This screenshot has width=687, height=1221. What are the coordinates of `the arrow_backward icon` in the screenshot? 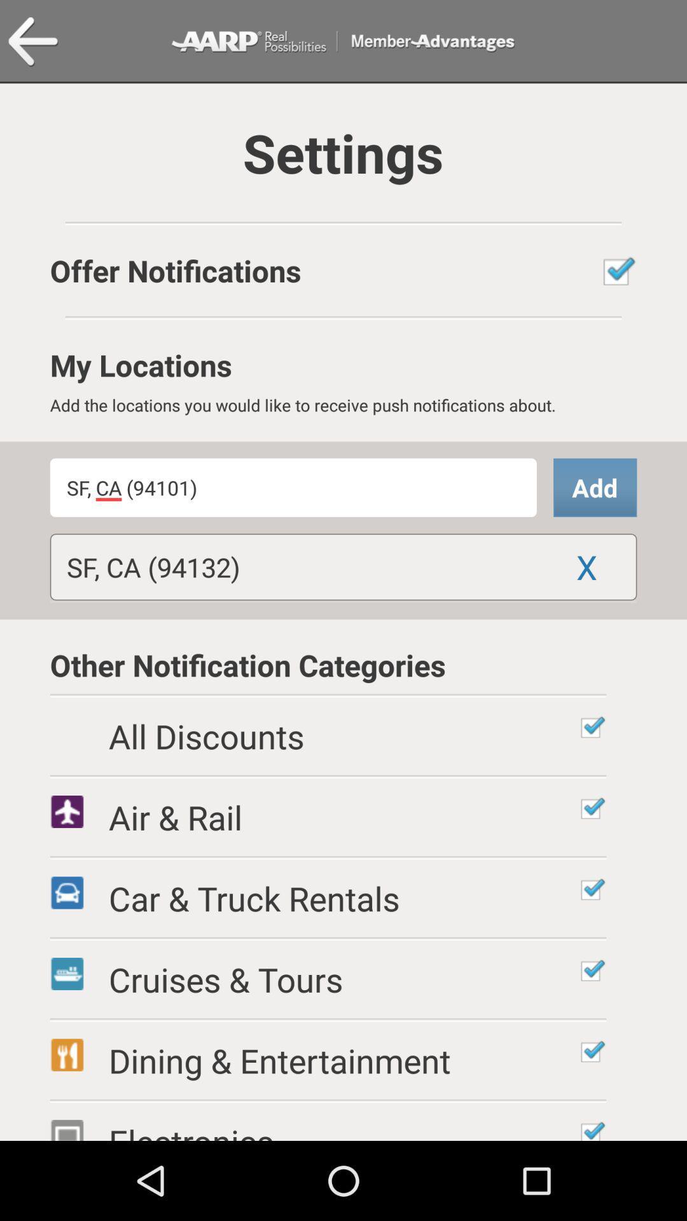 It's located at (32, 45).